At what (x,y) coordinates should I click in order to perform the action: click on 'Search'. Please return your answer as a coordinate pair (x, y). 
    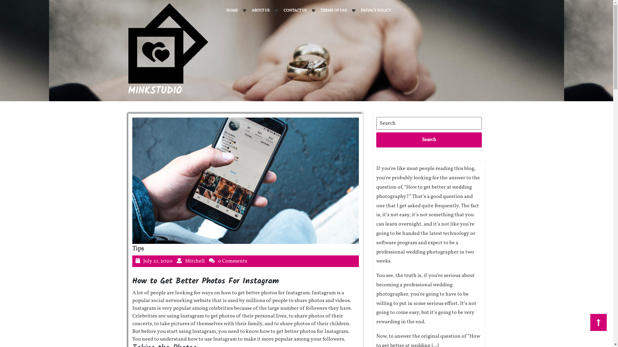
    Looking at the image, I should click on (428, 139).